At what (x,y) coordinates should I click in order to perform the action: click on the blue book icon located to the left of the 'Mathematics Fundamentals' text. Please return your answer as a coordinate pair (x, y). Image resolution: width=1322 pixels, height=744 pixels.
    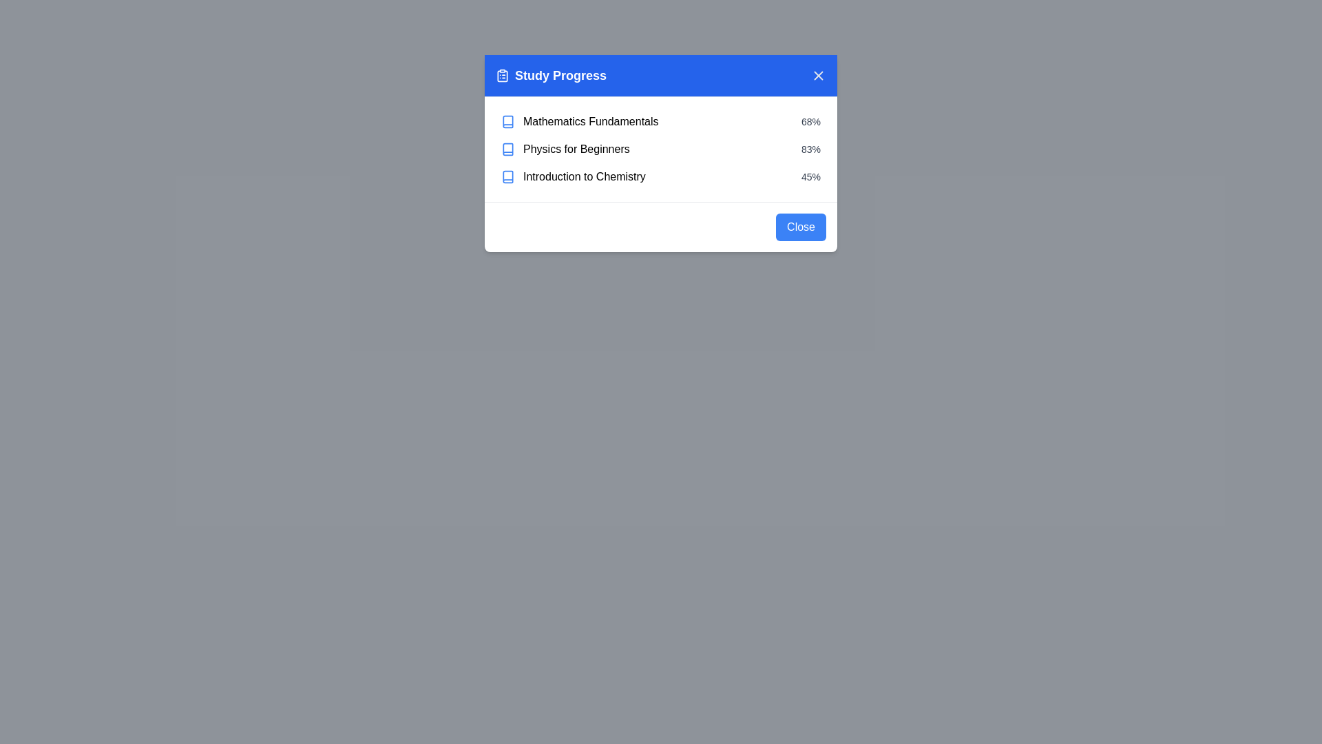
    Looking at the image, I should click on (507, 121).